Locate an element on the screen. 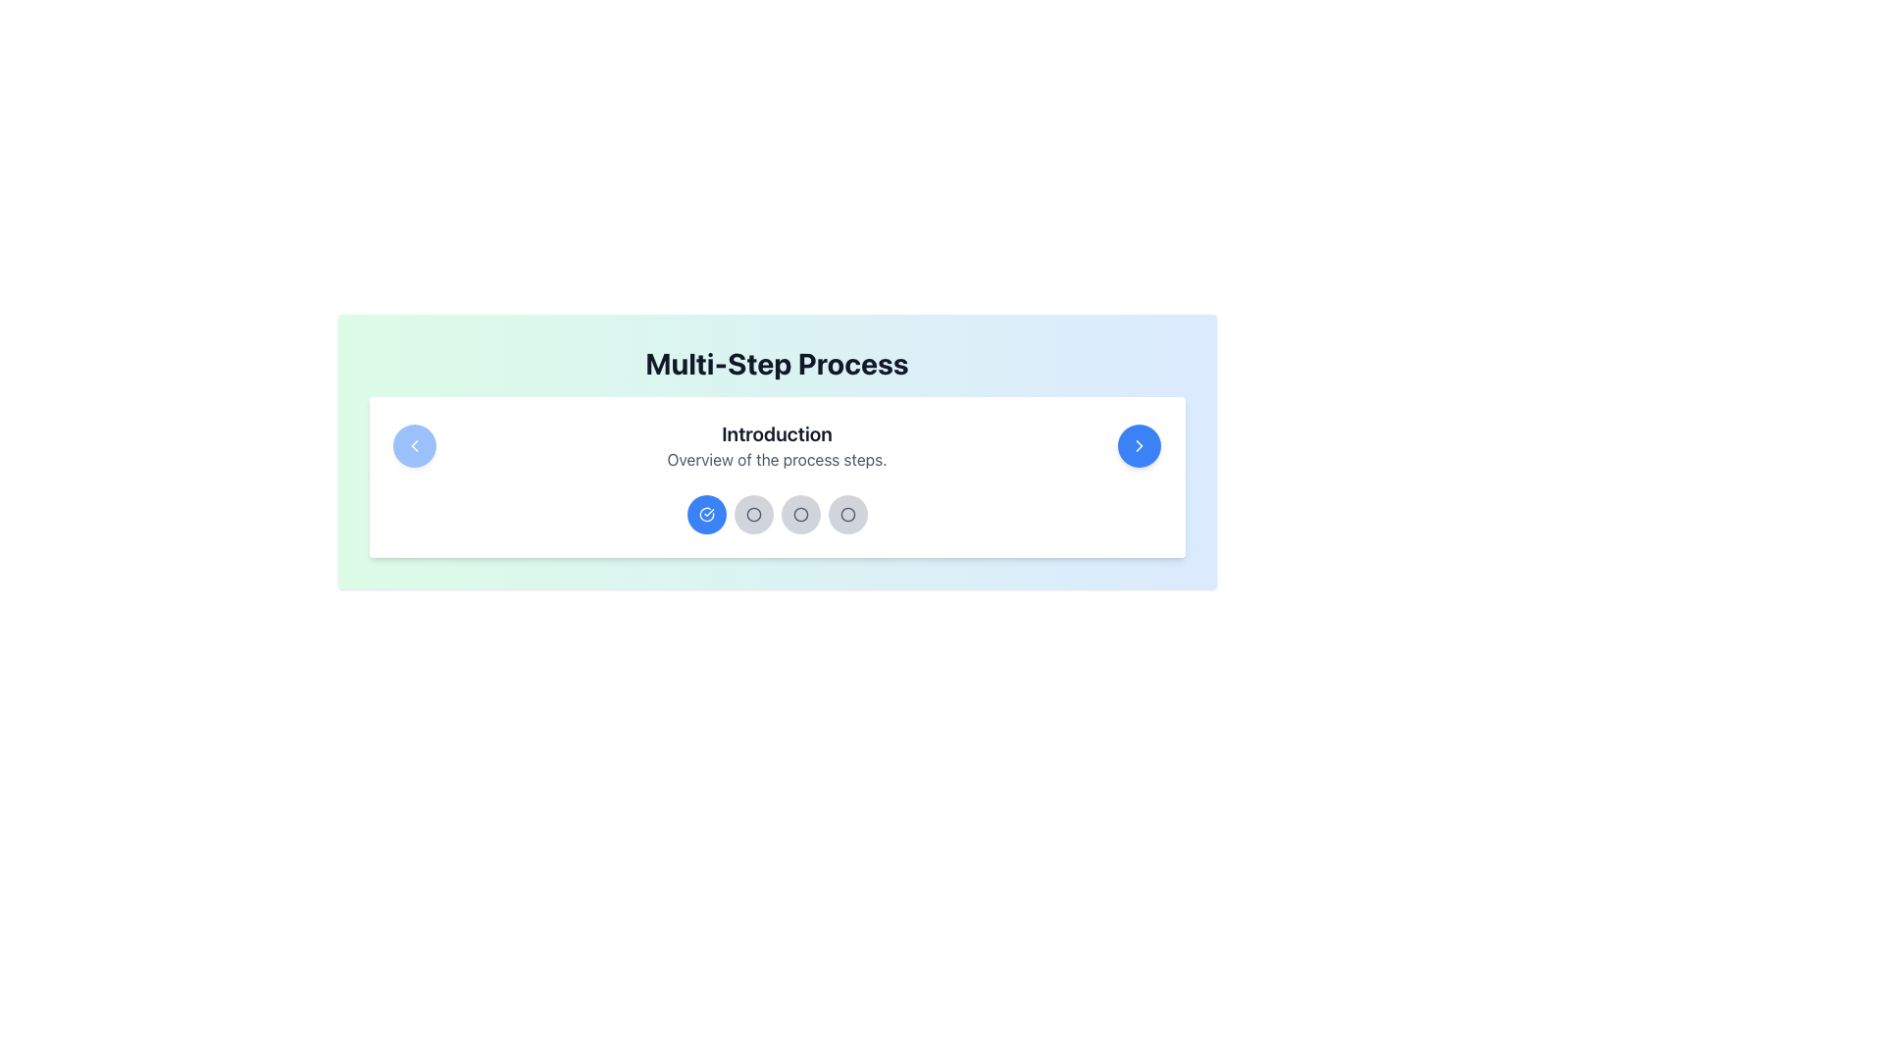 This screenshot has height=1059, width=1883. the second circular icon from the left in the sequence of four icons, located at the center-bottom part of the interface is located at coordinates (752, 513).